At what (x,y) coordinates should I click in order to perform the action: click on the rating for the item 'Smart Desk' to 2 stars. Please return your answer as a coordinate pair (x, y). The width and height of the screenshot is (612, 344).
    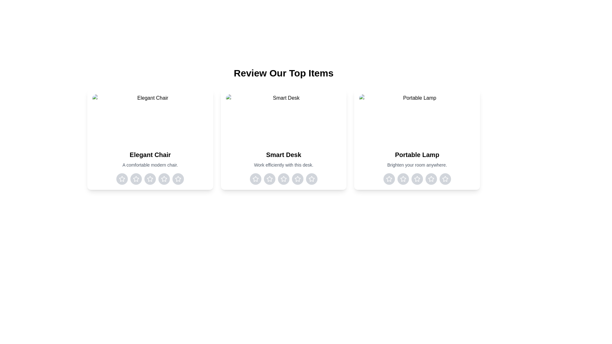
    Looking at the image, I should click on (269, 179).